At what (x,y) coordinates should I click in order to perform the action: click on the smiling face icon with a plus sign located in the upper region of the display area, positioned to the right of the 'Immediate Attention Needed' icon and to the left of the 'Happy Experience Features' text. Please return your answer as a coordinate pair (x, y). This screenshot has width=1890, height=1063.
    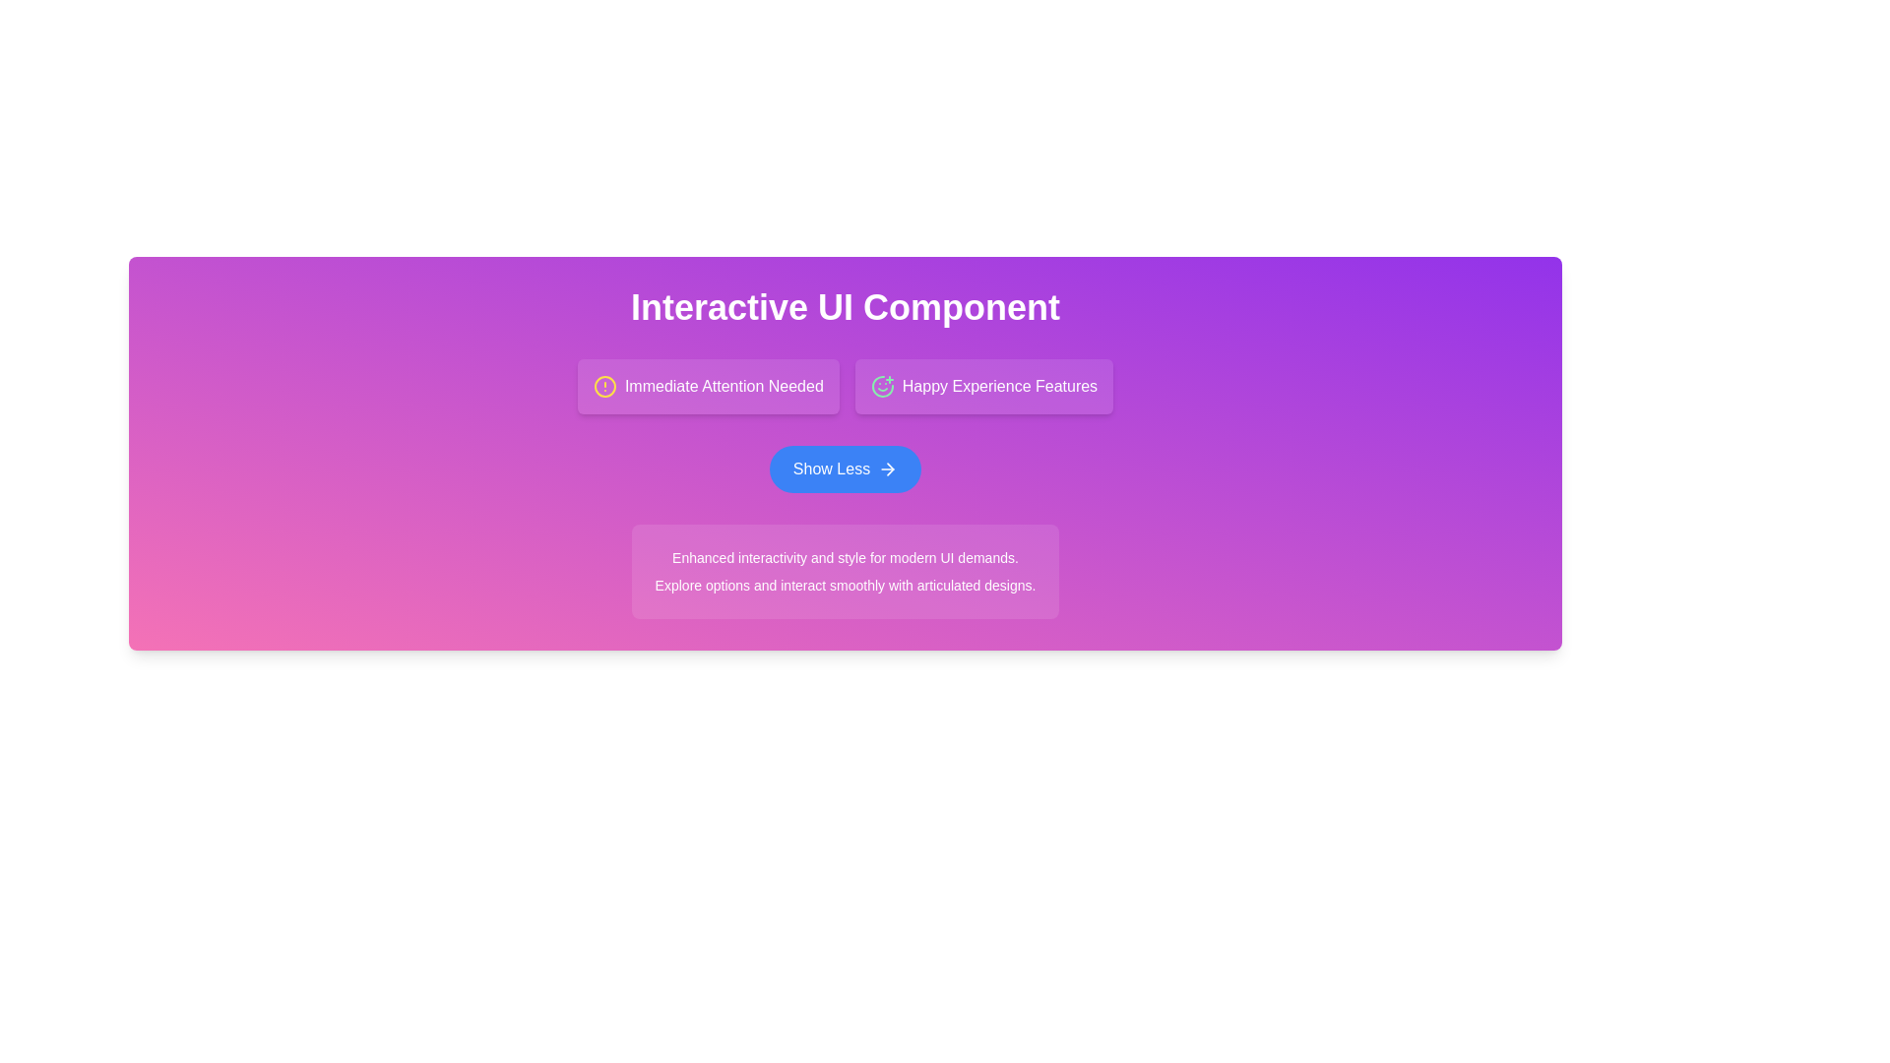
    Looking at the image, I should click on (881, 387).